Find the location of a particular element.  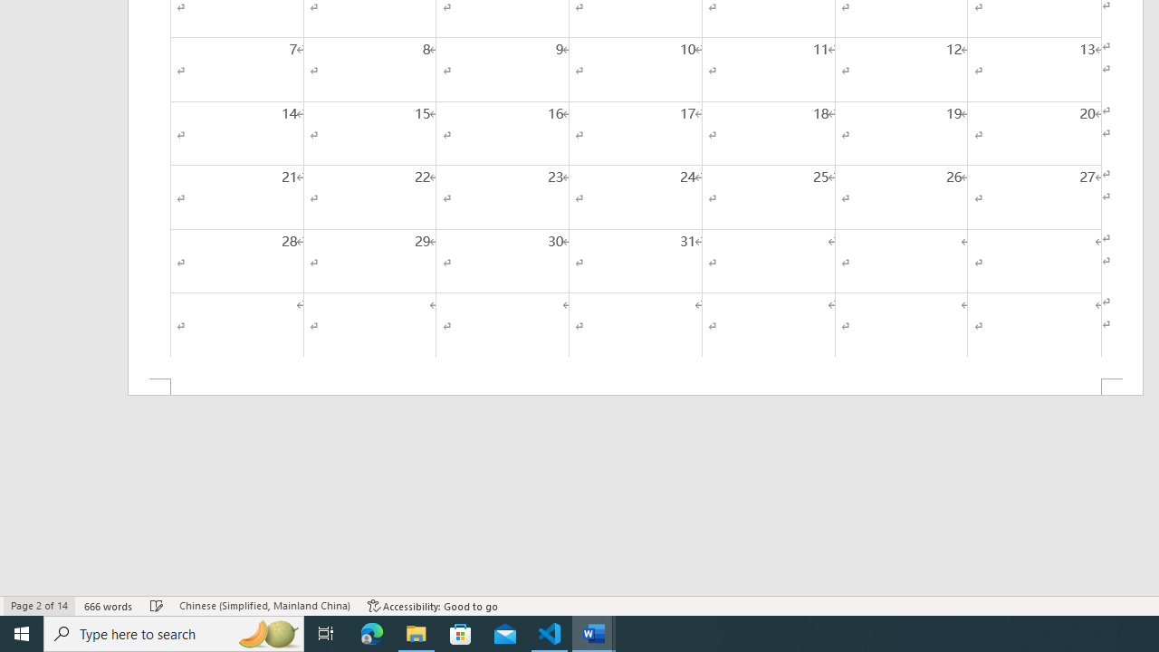

'Word Count 666 words' is located at coordinates (108, 606).